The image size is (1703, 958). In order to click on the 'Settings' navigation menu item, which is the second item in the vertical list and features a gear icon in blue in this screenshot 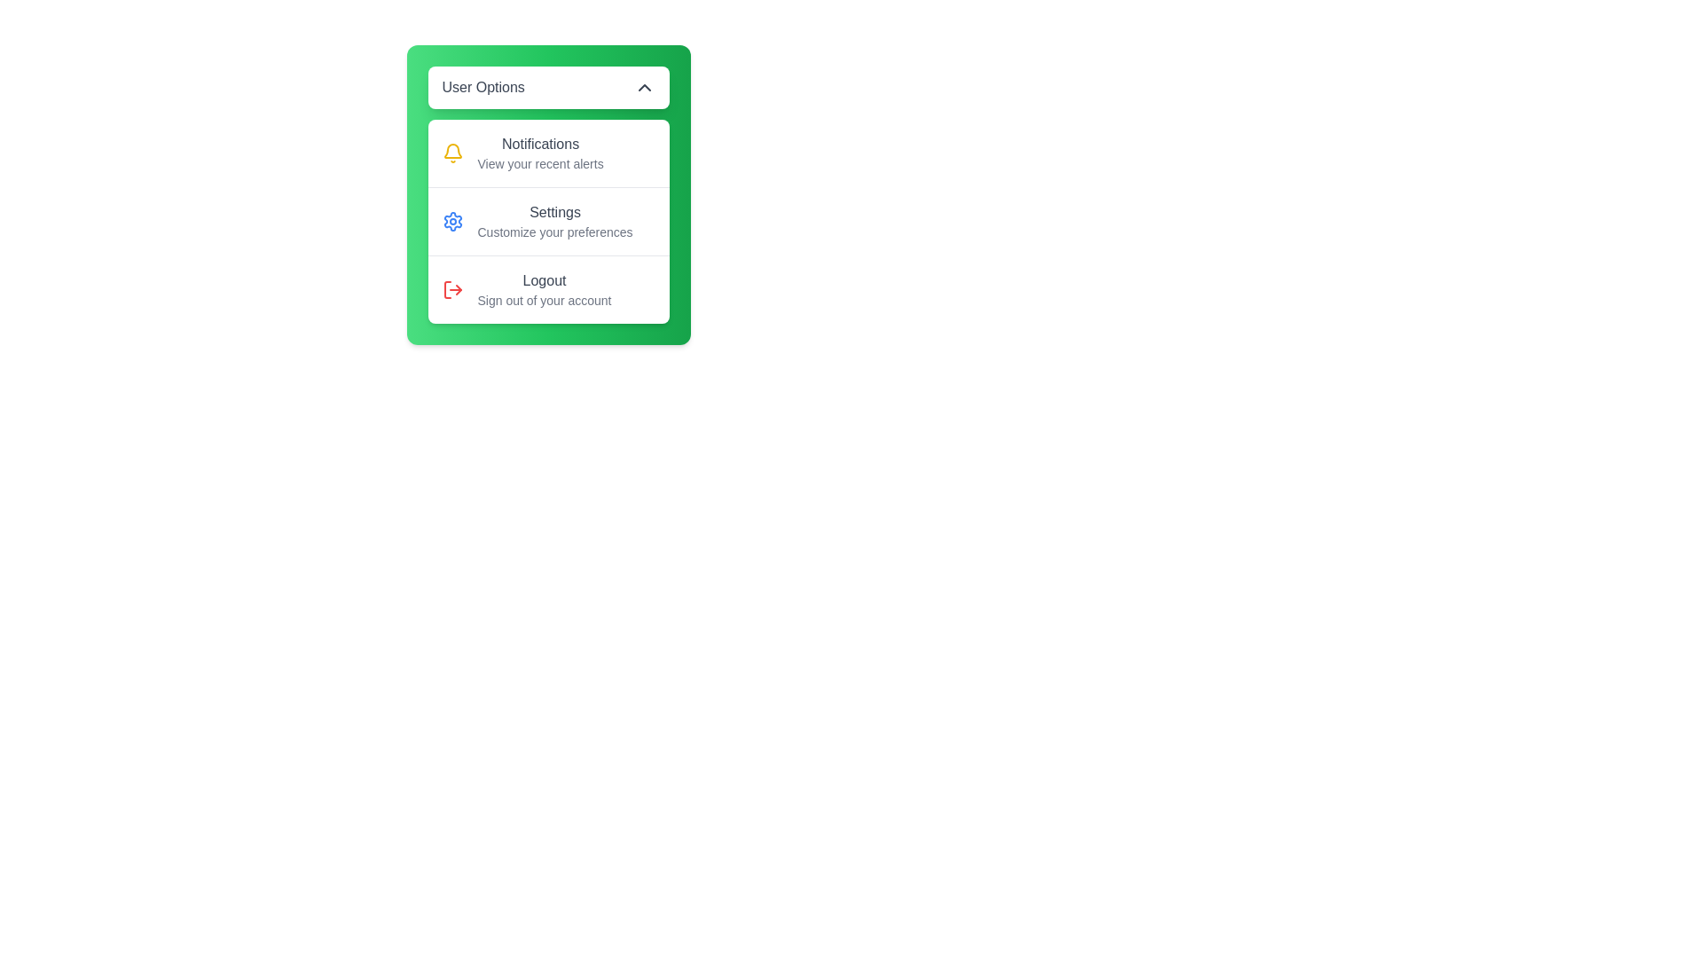, I will do `click(547, 220)`.